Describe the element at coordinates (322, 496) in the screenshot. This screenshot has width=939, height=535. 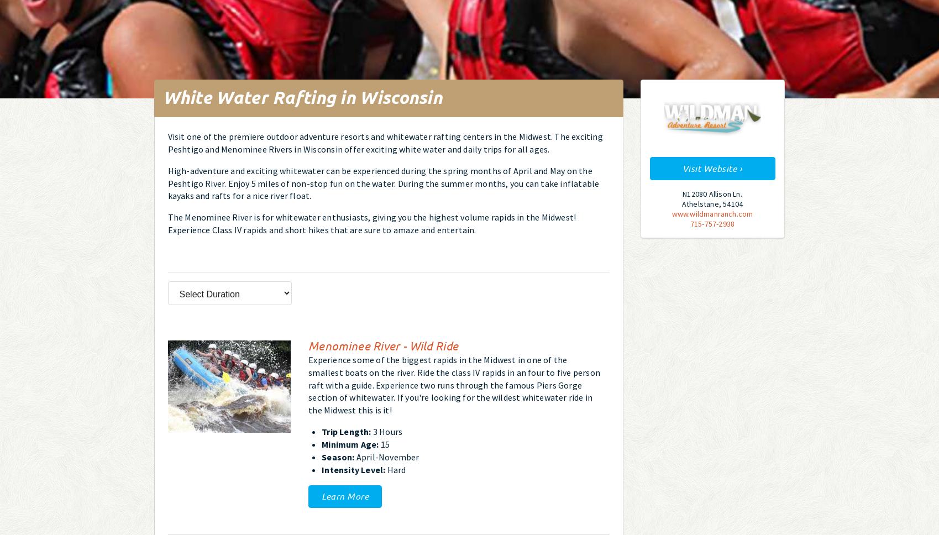
I see `'Learn More'` at that location.